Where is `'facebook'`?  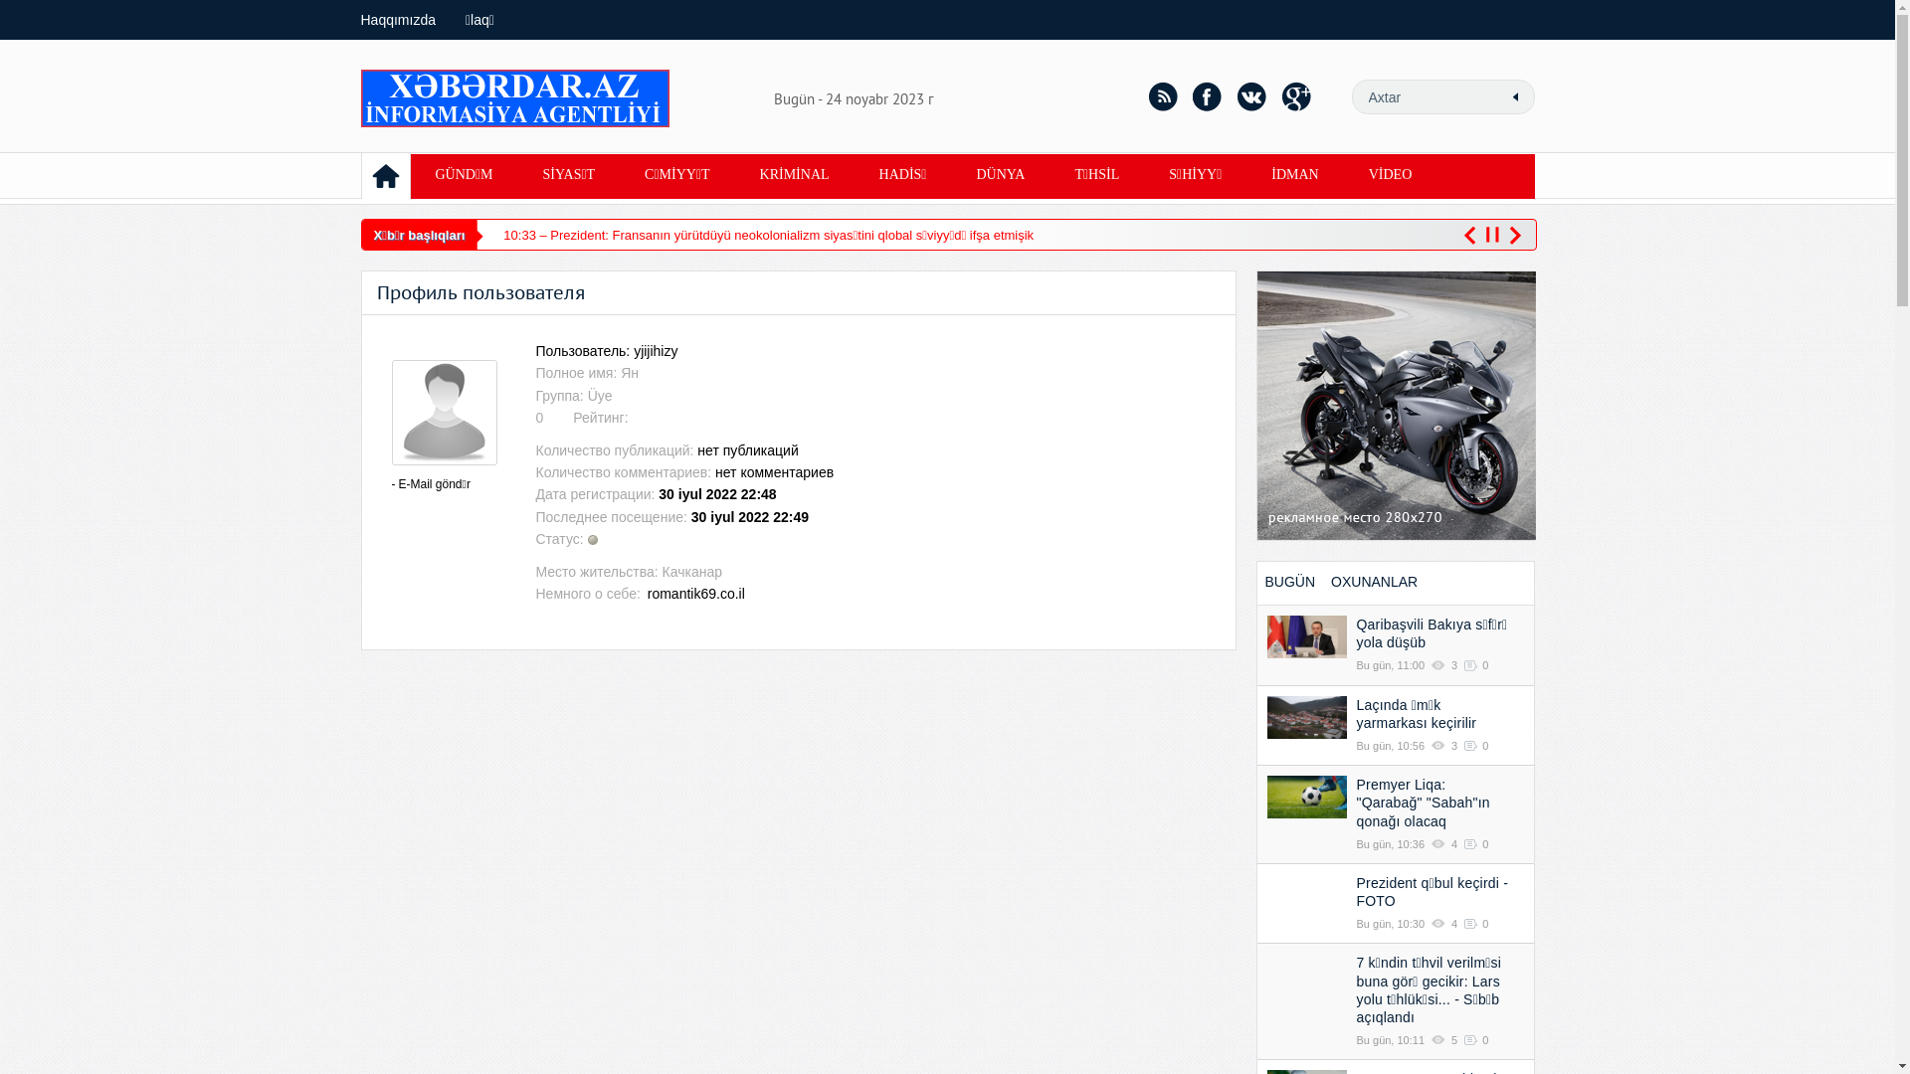
'facebook' is located at coordinates (1206, 95).